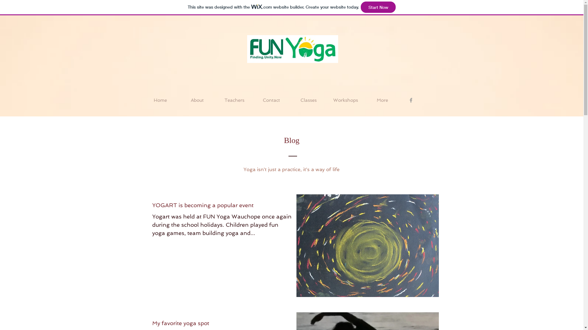 This screenshot has width=588, height=330. What do you see at coordinates (234, 100) in the screenshot?
I see `'Teachers'` at bounding box center [234, 100].